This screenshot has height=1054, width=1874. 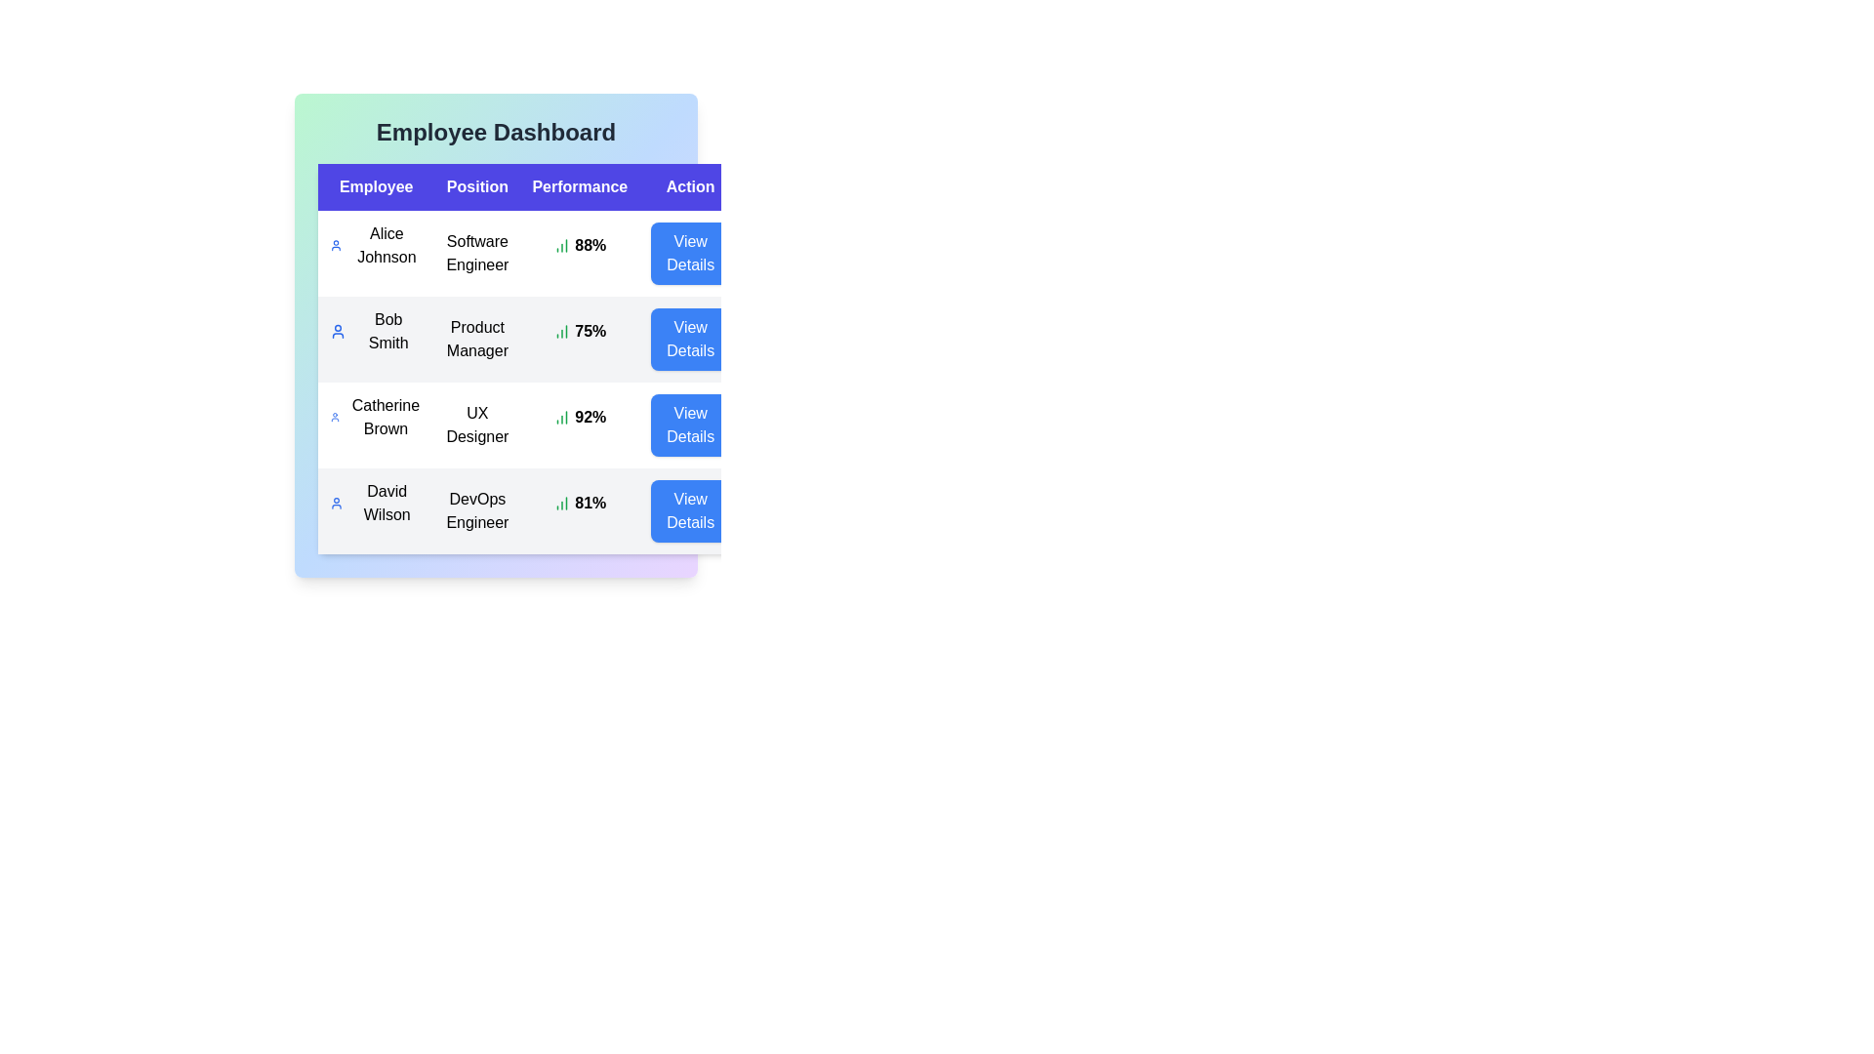 What do you see at coordinates (376, 417) in the screenshot?
I see `the Catherine Brown row to observe potential tooltips or visual feedback` at bounding box center [376, 417].